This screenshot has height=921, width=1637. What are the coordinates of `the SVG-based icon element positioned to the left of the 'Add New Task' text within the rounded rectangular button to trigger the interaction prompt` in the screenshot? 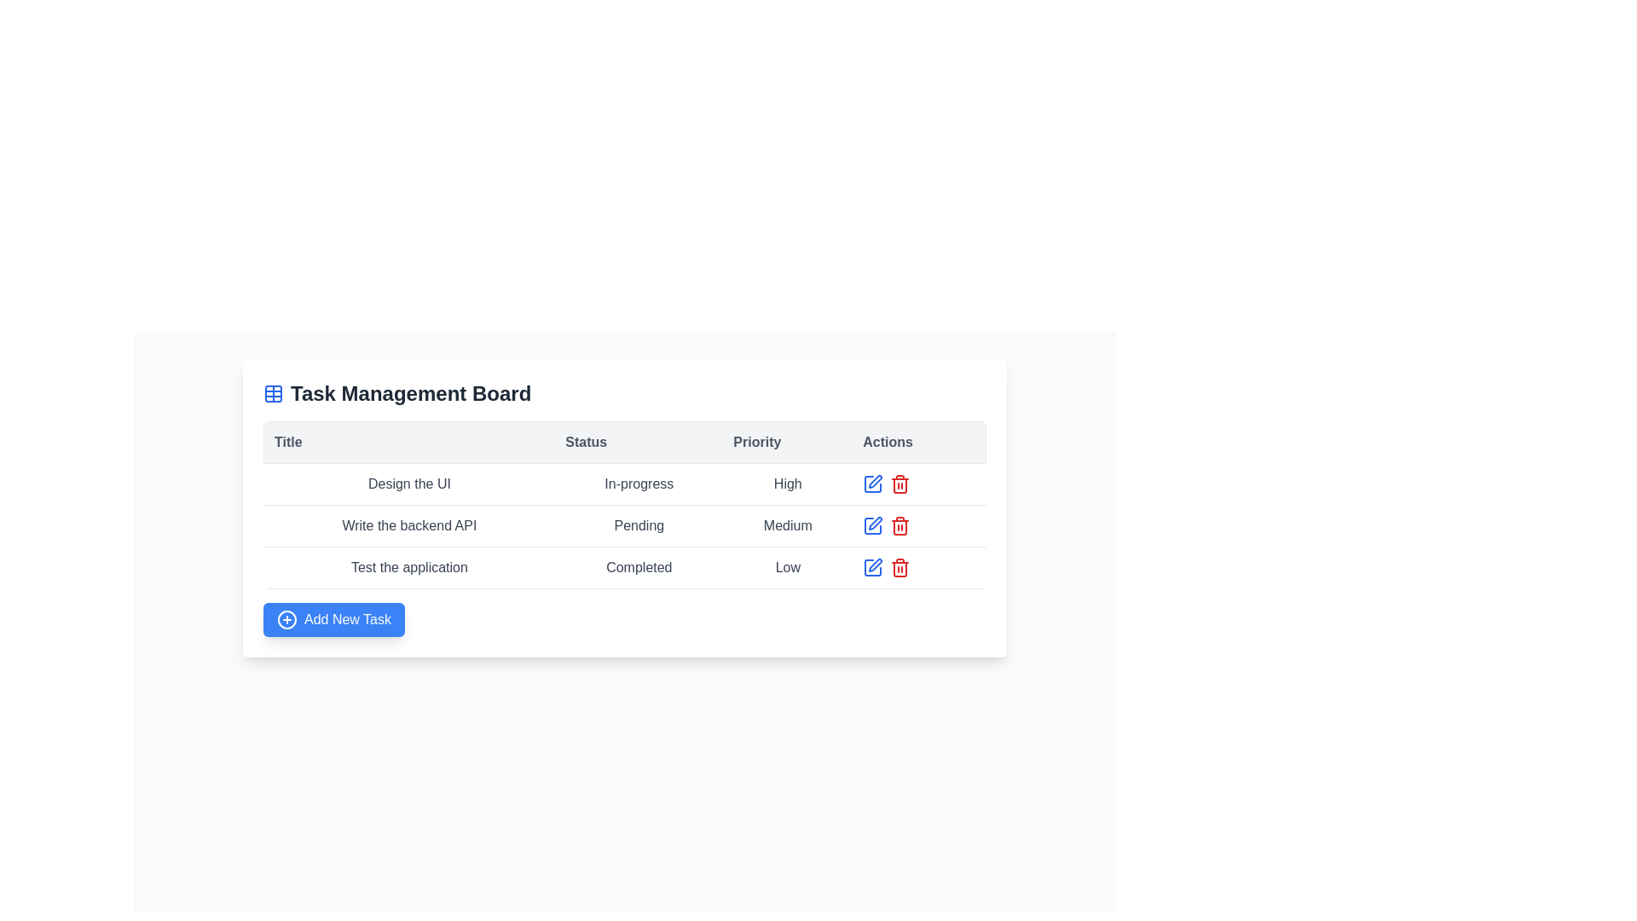 It's located at (286, 619).